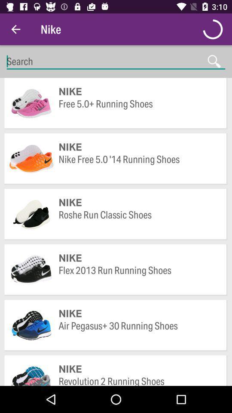 The width and height of the screenshot is (232, 413). I want to click on the item below the nike icon, so click(138, 276).